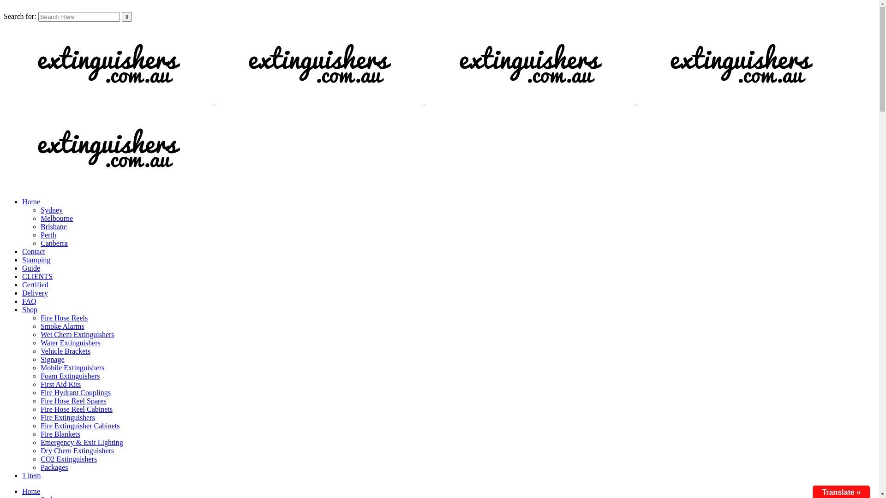 The height and width of the screenshot is (498, 886). I want to click on 'Fire Hydrant Couplings', so click(40, 392).